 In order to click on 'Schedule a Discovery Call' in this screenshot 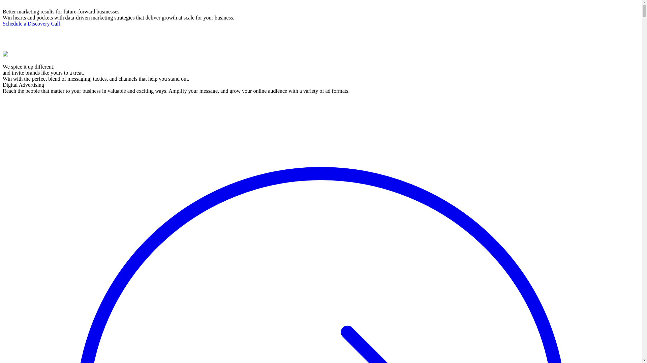, I will do `click(31, 23)`.